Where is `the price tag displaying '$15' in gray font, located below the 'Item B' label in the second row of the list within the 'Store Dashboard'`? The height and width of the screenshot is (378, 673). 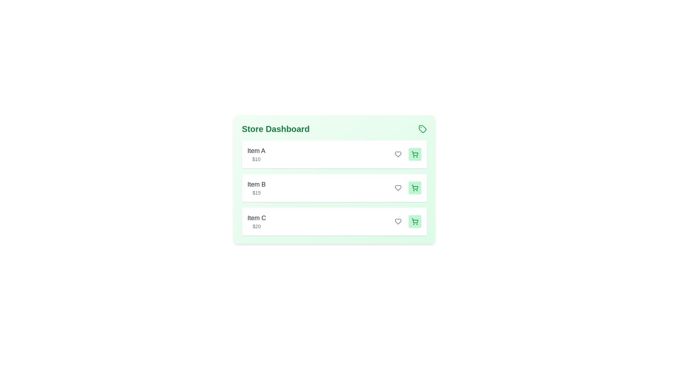 the price tag displaying '$15' in gray font, located below the 'Item B' label in the second row of the list within the 'Store Dashboard' is located at coordinates (256, 193).